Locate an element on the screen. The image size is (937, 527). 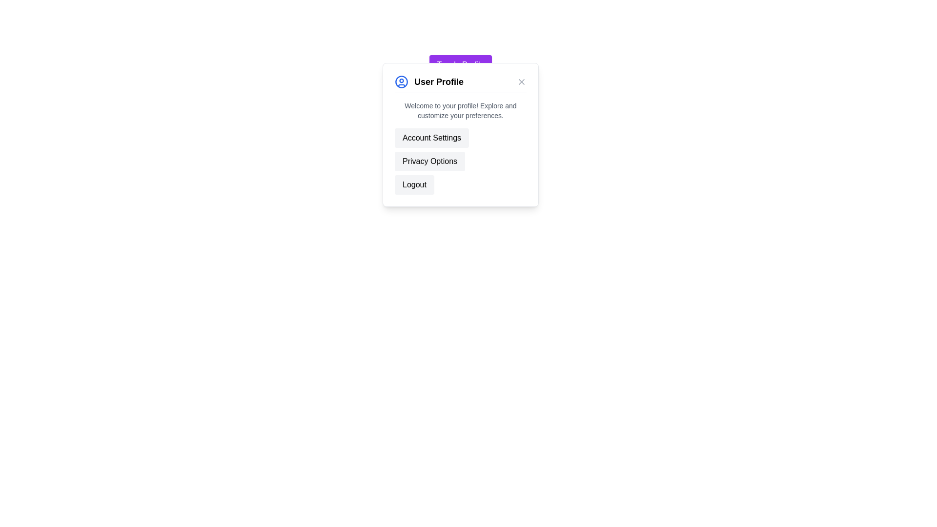
the 'Logout' button located in the 'User Profile' modal dialog box, which is the third option listed vertically is located at coordinates (414, 184).